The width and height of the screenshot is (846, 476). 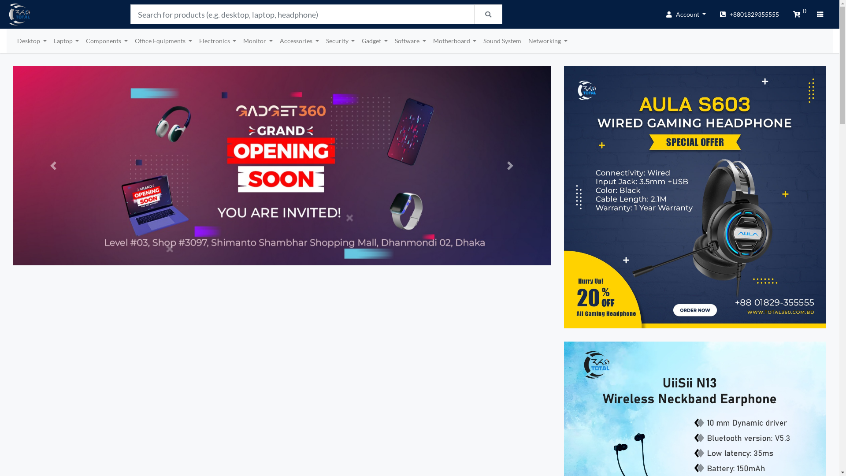 I want to click on 'Account', so click(x=685, y=14).